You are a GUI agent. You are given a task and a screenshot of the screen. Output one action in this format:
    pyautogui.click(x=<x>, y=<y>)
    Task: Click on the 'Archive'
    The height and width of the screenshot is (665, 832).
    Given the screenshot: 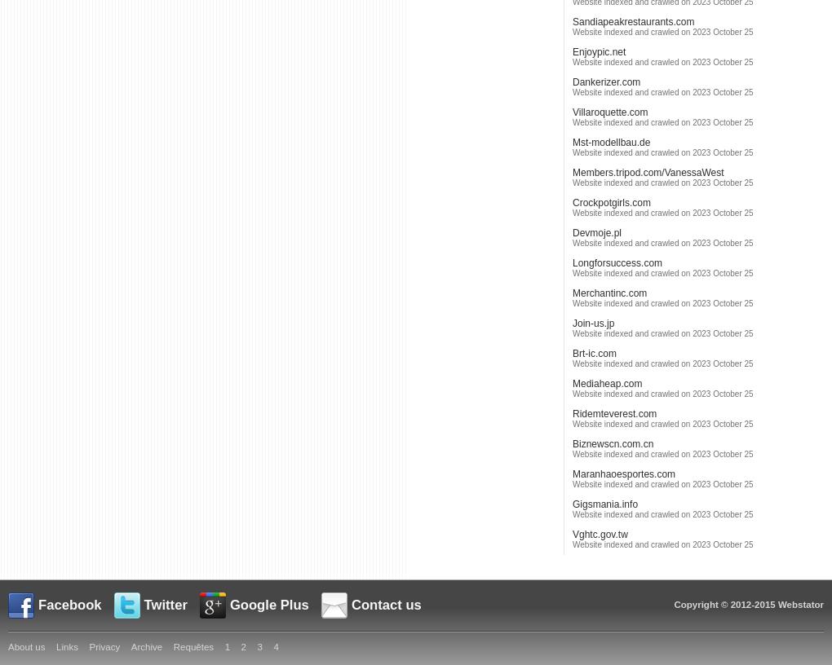 What is the action you would take?
    pyautogui.click(x=145, y=646)
    